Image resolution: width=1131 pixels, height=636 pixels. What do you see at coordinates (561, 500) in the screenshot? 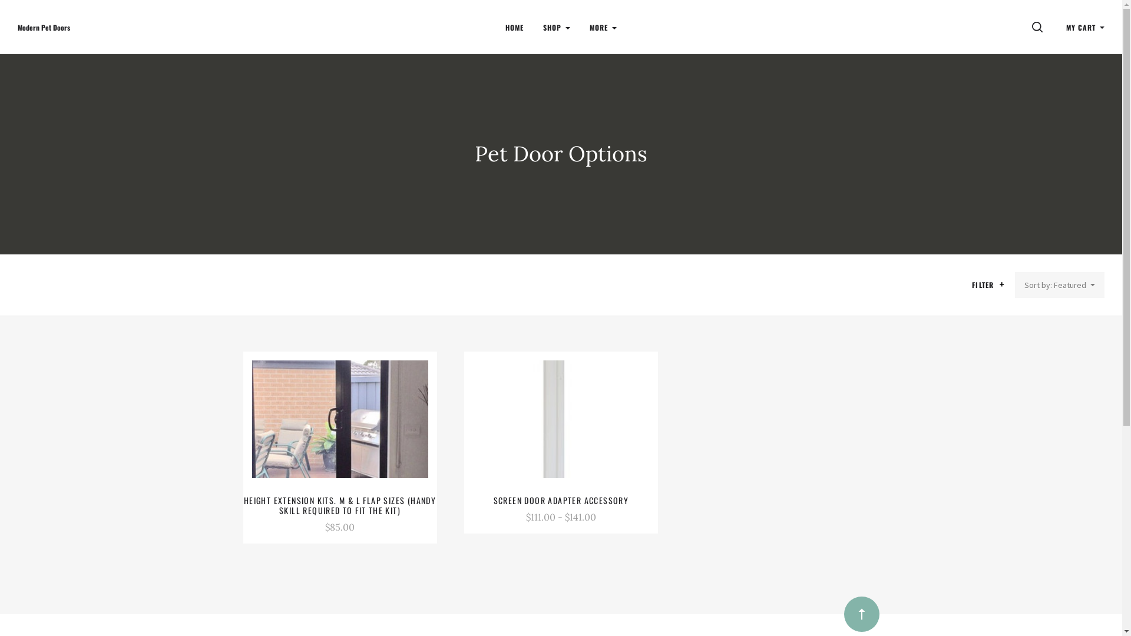
I see `'SCREEN DOOR ADAPTER ACCESSORY'` at bounding box center [561, 500].